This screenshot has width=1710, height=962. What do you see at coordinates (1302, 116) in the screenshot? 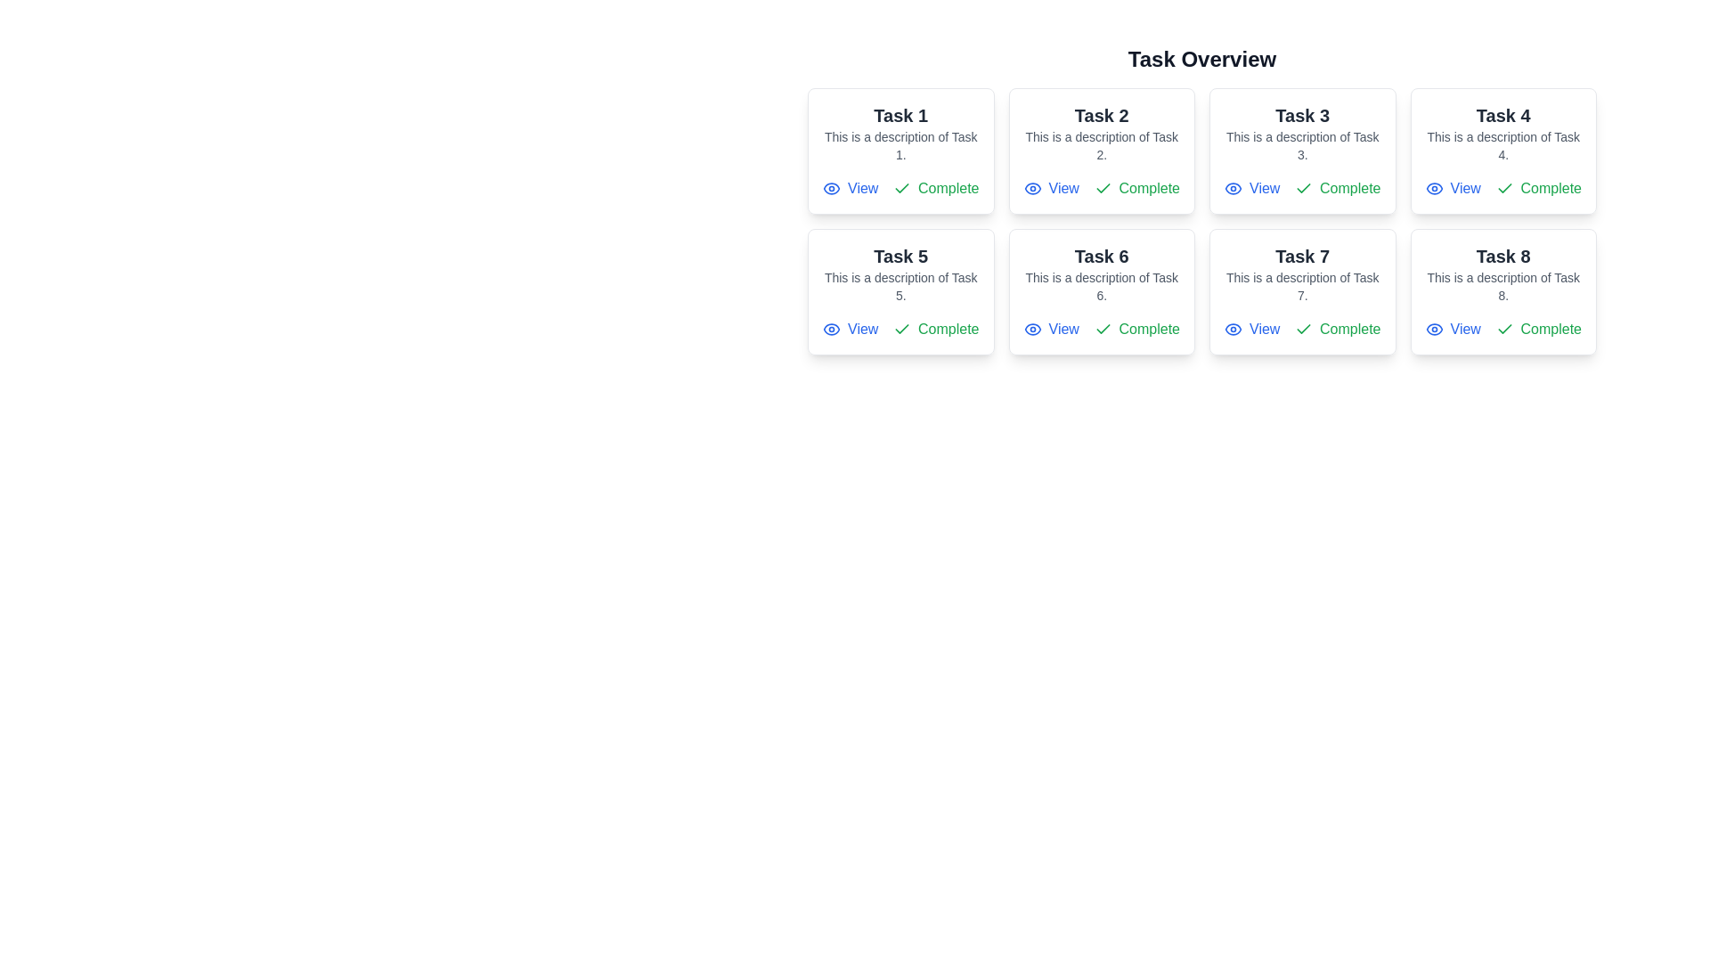
I see `the text element displaying 'Task 3', which is prominently positioned at the top center of the card for Task 3` at bounding box center [1302, 116].